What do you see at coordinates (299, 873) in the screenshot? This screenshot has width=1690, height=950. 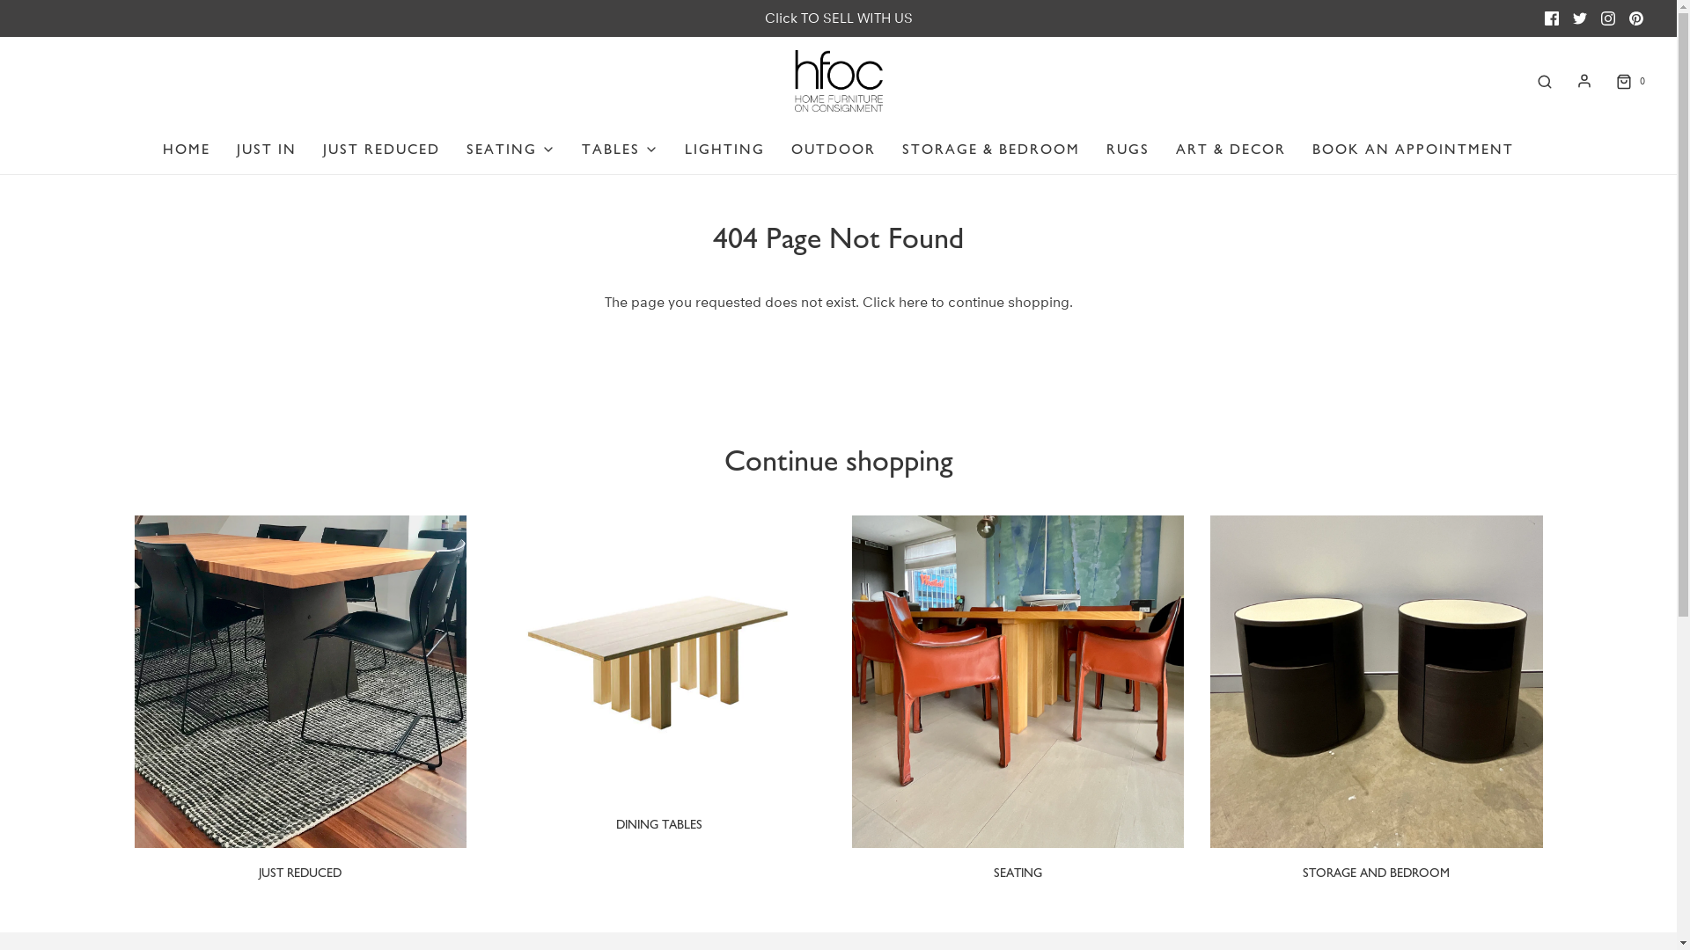 I see `'JUST REDUCED'` at bounding box center [299, 873].